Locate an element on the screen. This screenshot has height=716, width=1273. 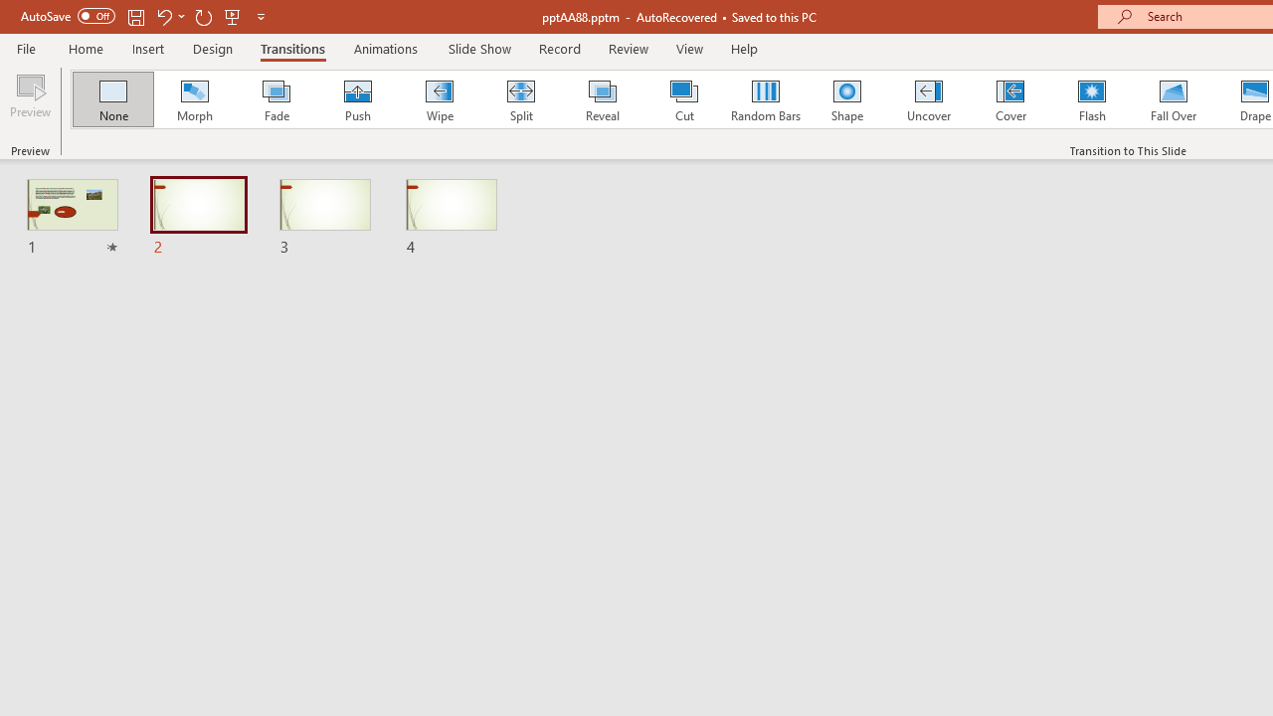
'Wipe' is located at coordinates (438, 99).